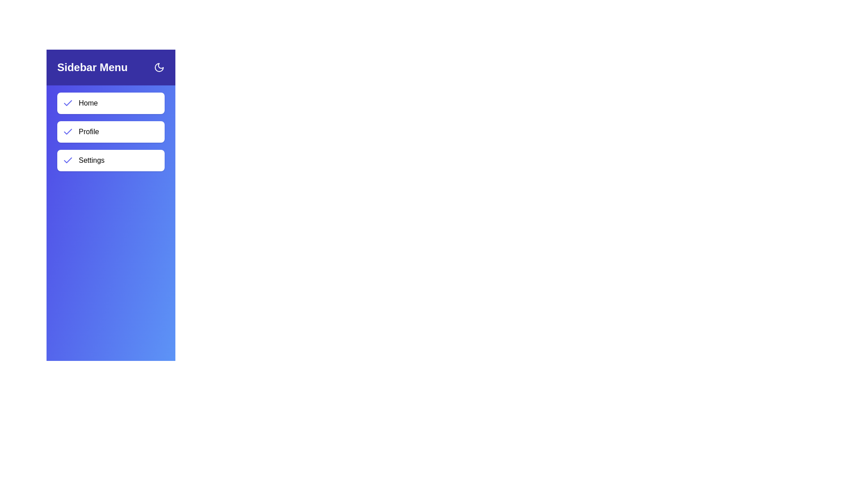 Image resolution: width=859 pixels, height=483 pixels. Describe the element at coordinates (111, 103) in the screenshot. I see `the menu item Home to navigate` at that location.